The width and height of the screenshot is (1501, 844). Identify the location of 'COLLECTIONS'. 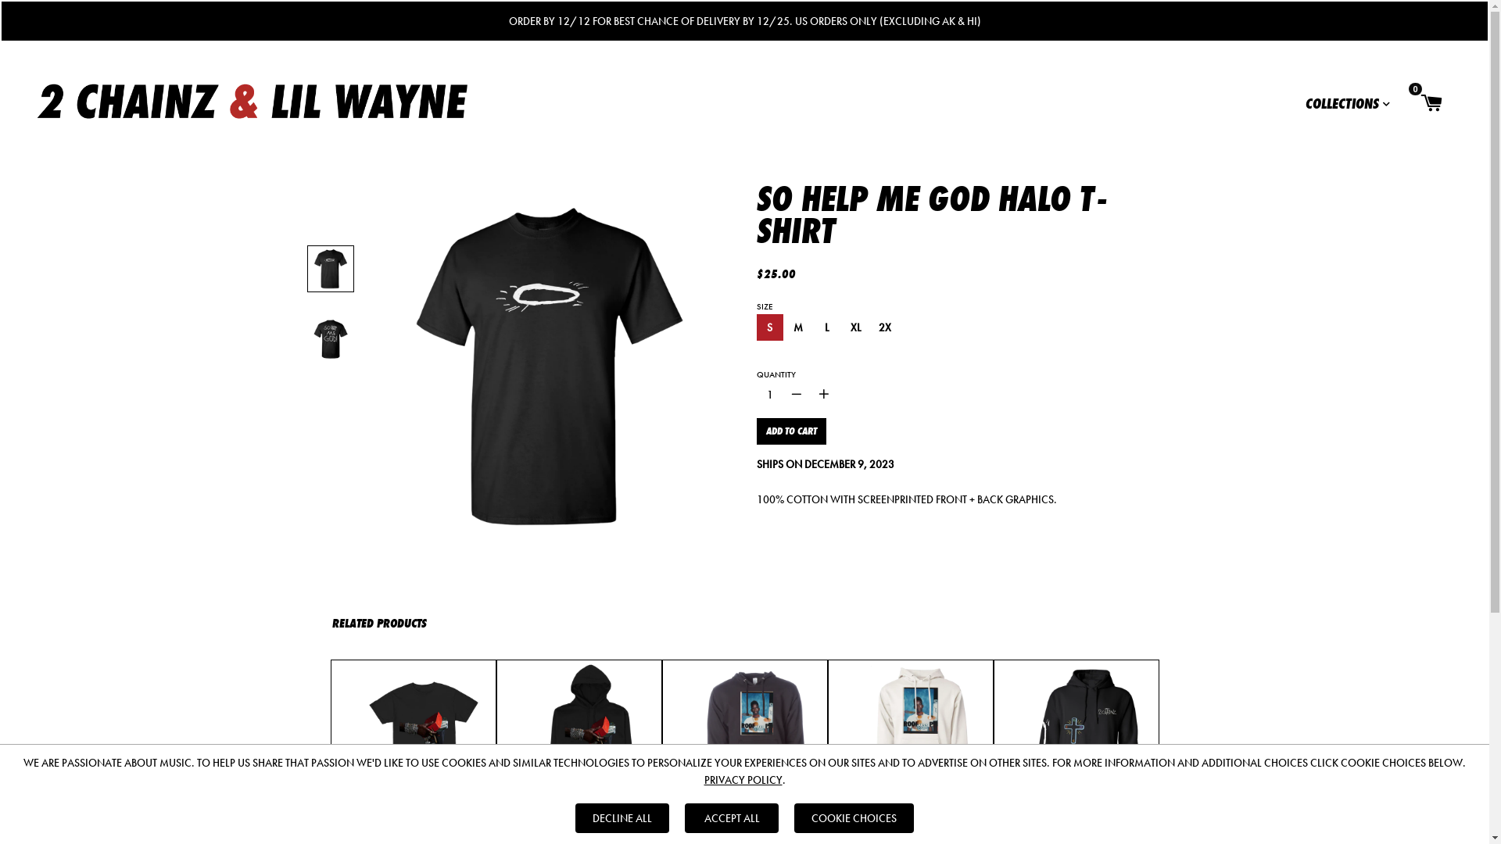
(1346, 101).